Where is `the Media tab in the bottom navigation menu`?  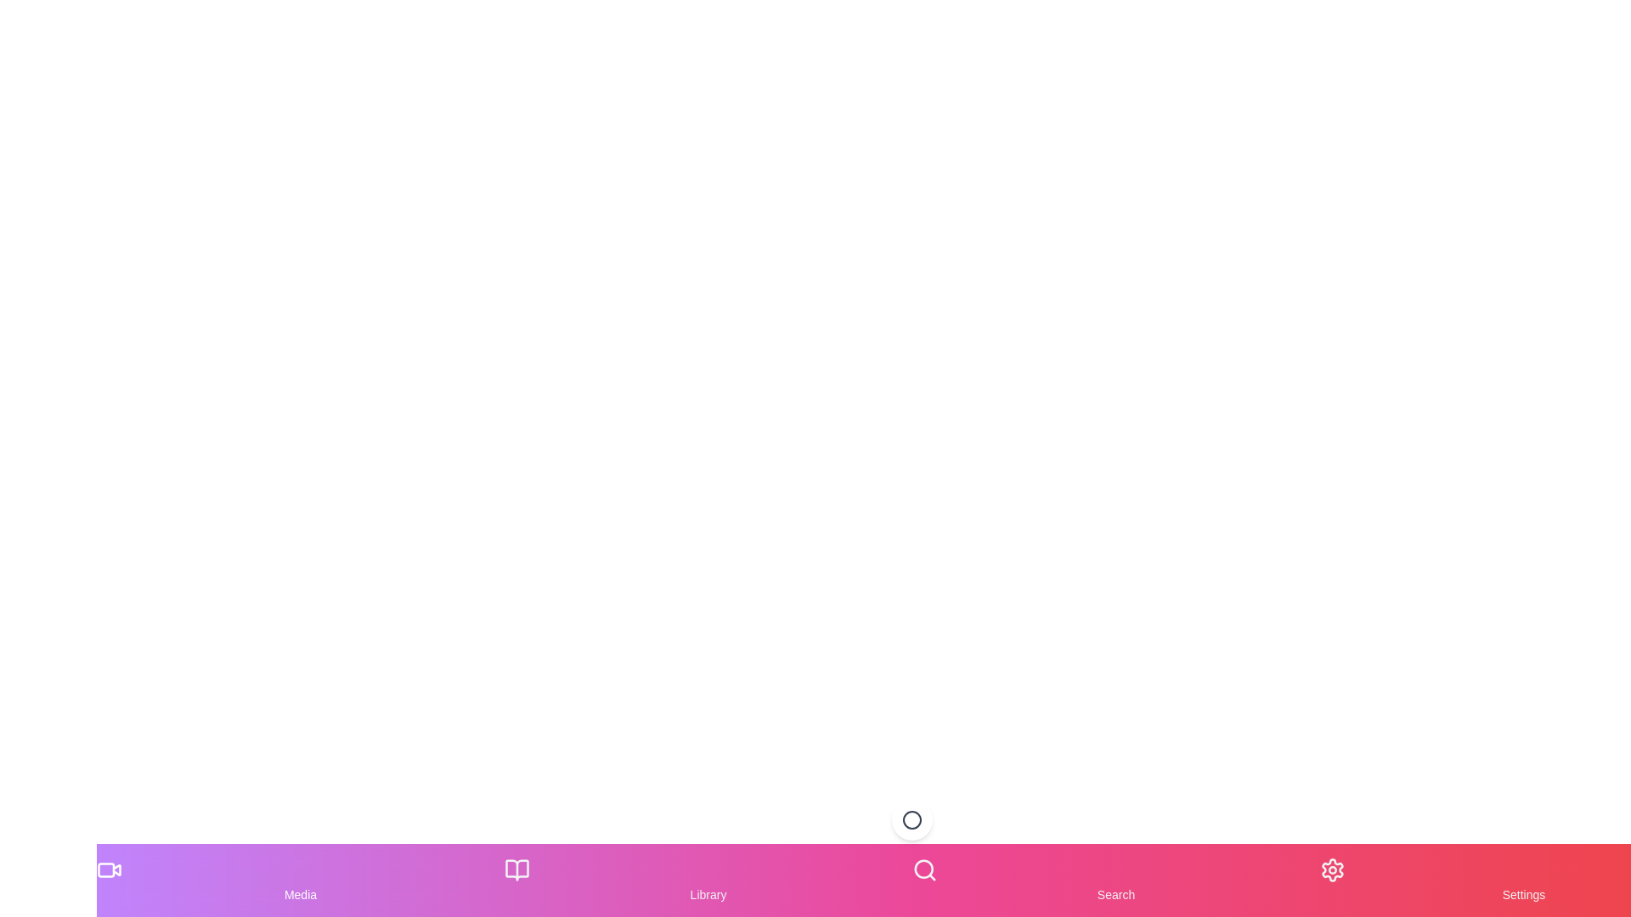 the Media tab in the bottom navigation menu is located at coordinates (301, 880).